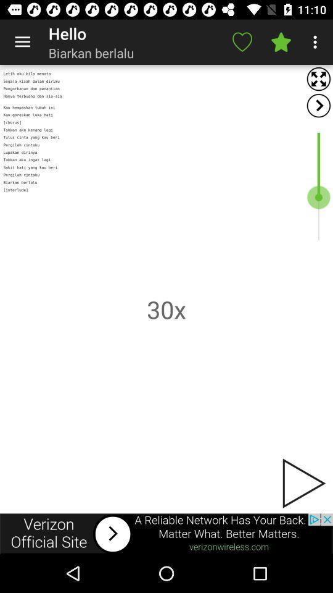  What do you see at coordinates (166, 533) in the screenshot?
I see `click verizon advertisement` at bounding box center [166, 533].